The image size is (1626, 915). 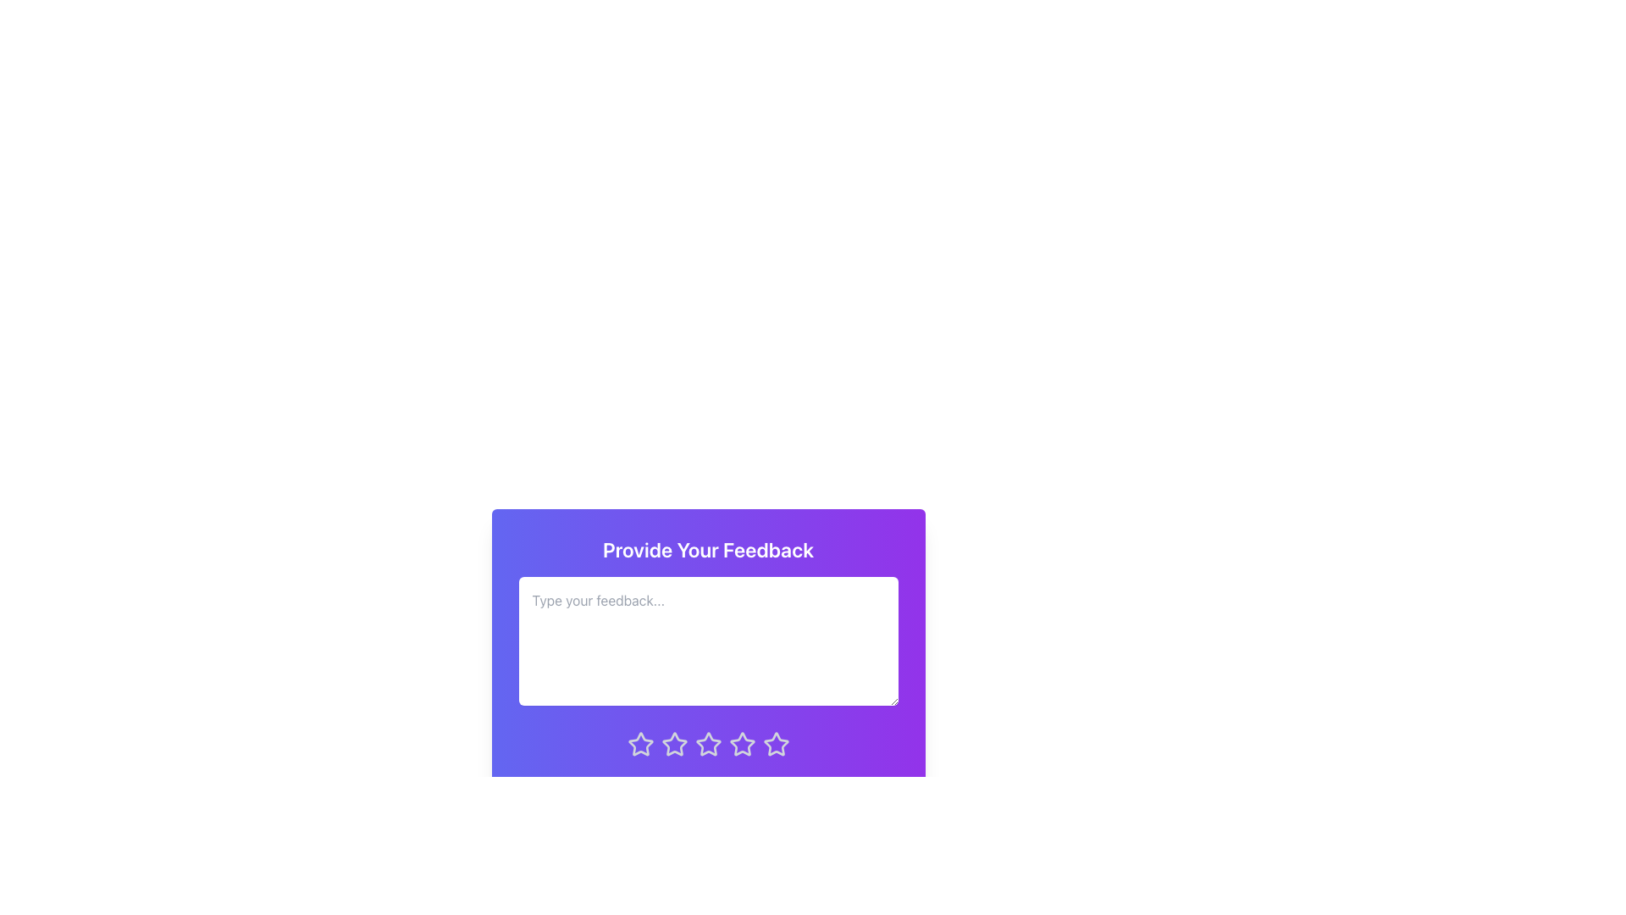 What do you see at coordinates (673, 744) in the screenshot?
I see `the third star icon in the rating system located at the bottom of the feedback form` at bounding box center [673, 744].